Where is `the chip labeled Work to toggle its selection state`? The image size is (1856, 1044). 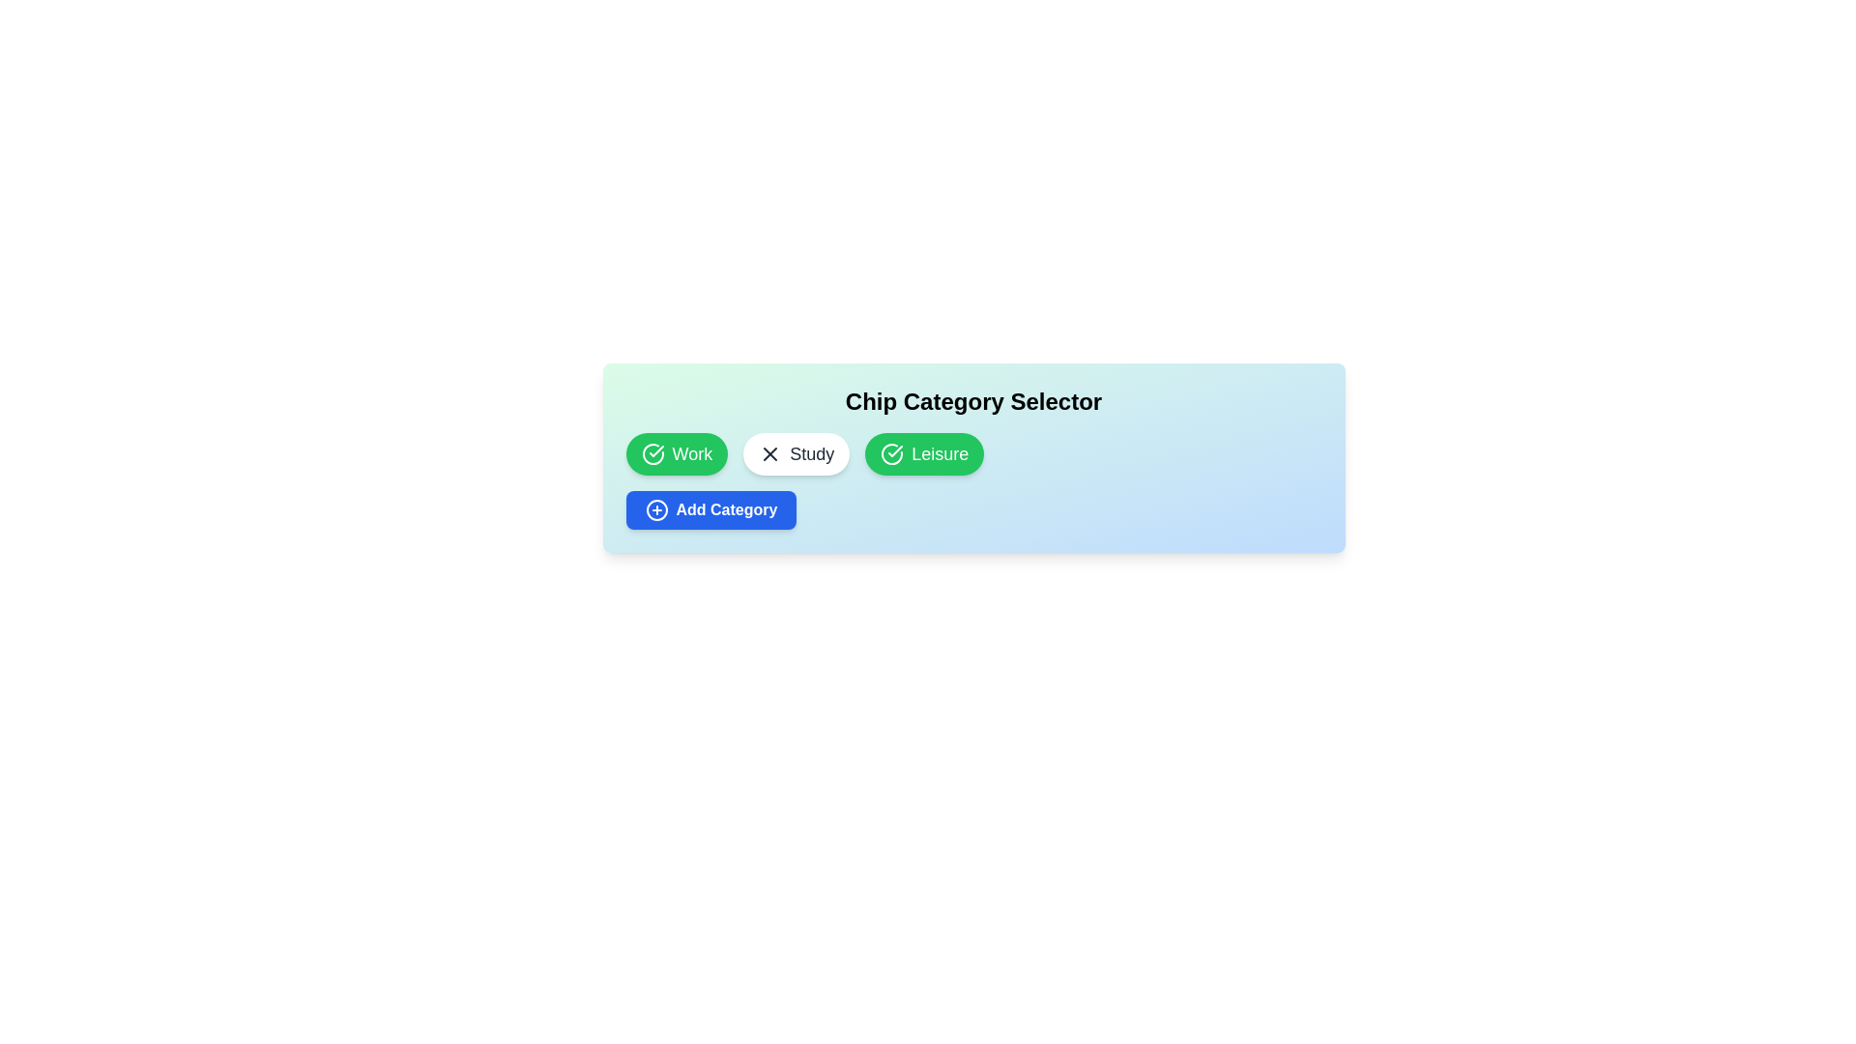 the chip labeled Work to toggle its selection state is located at coordinates (677, 454).